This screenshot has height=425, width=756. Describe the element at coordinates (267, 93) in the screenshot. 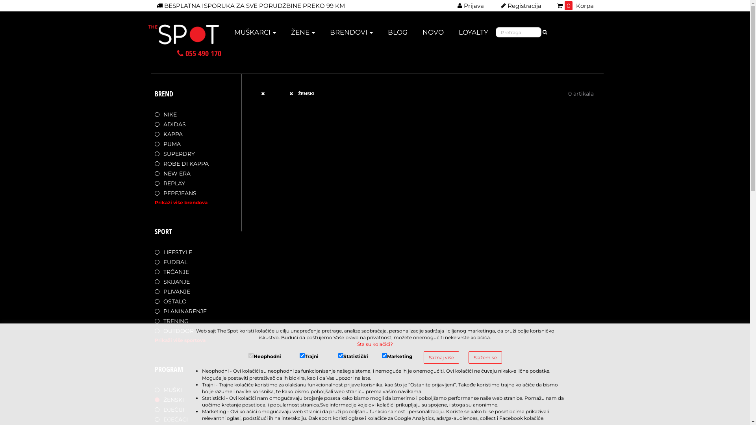

I see `'Ukloni airmax97'` at that location.